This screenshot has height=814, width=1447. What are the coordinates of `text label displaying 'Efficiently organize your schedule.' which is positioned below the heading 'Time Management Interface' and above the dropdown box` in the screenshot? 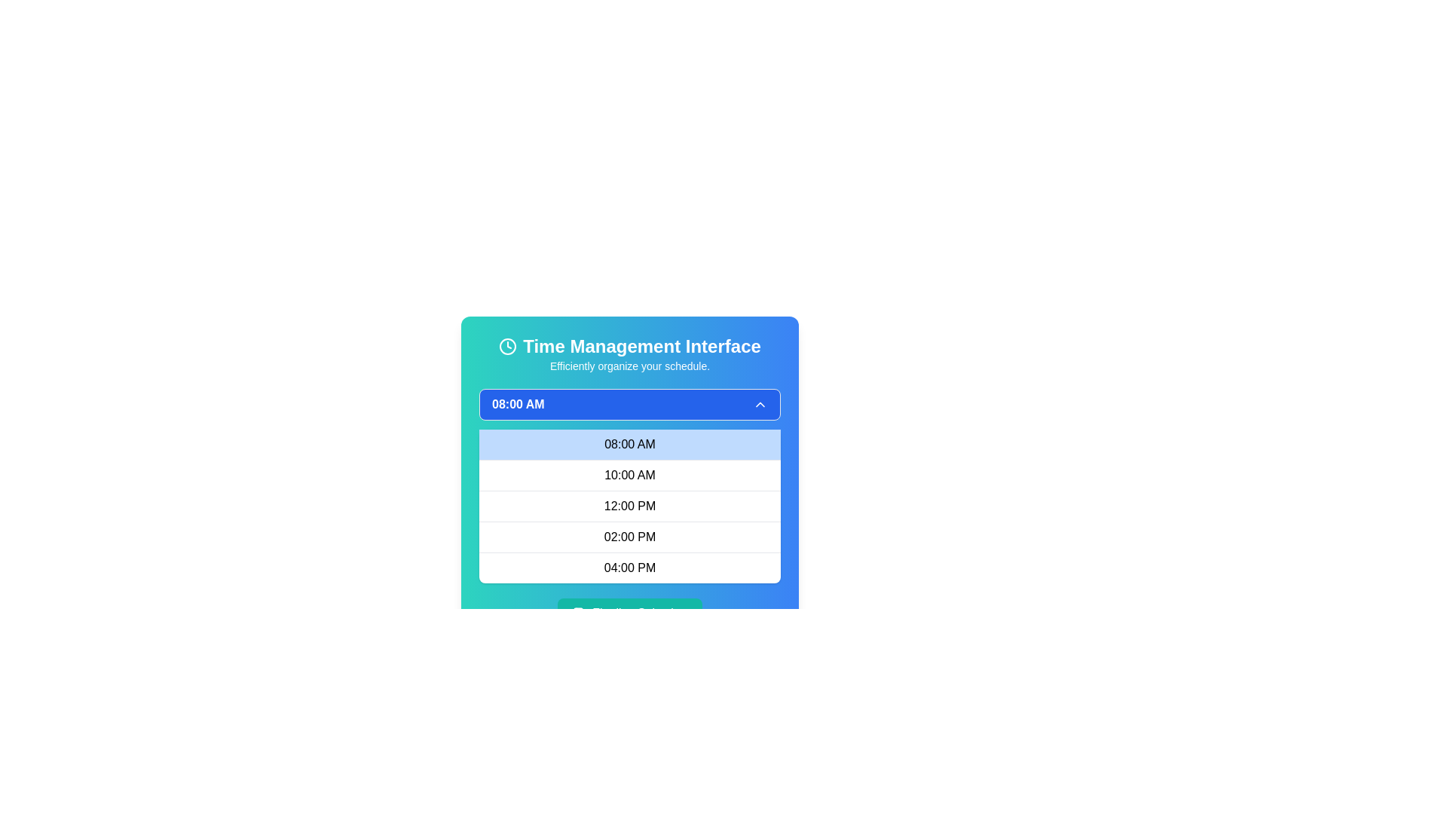 It's located at (629, 366).